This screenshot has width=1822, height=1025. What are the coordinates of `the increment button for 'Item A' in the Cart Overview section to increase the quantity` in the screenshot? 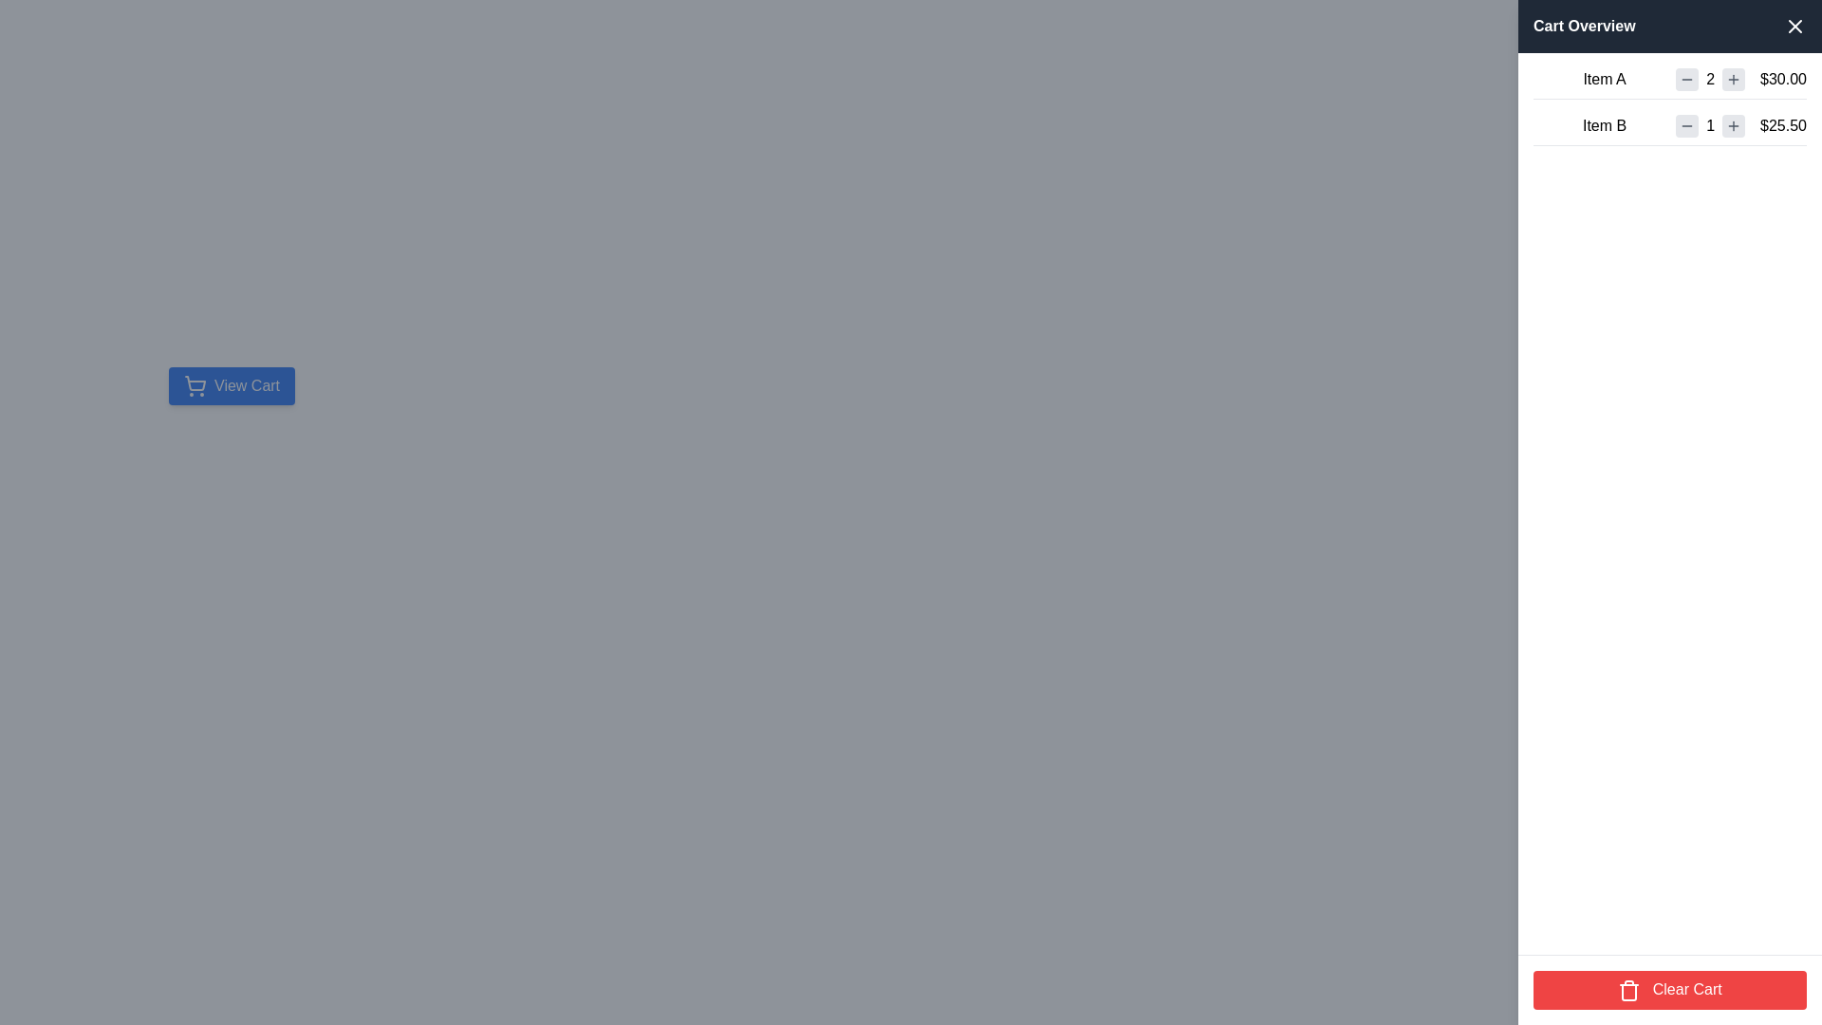 It's located at (1734, 79).